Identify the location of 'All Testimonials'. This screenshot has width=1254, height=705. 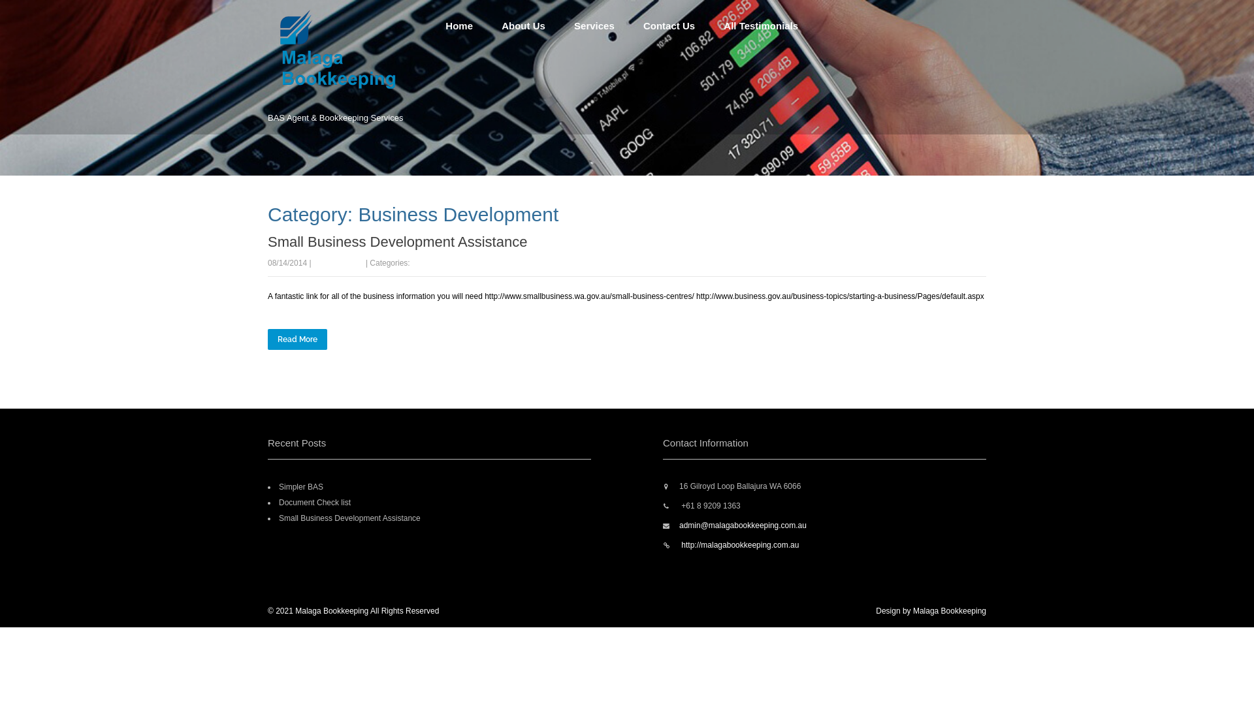
(761, 26).